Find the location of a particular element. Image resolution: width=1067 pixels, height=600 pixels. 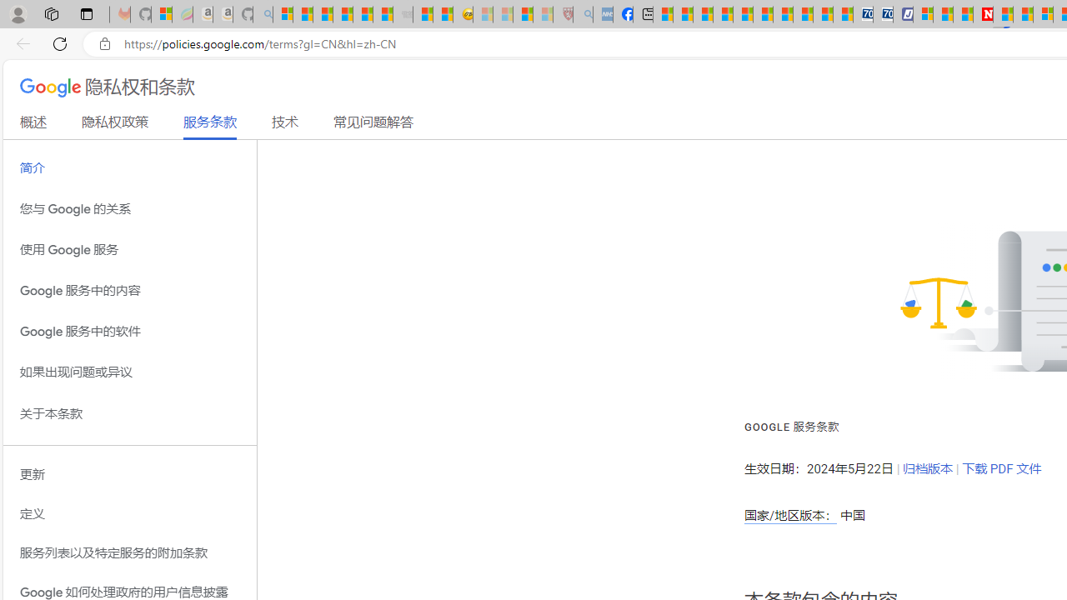

'Climate Damage Becomes Too Severe To Reverse' is located at coordinates (723, 14).